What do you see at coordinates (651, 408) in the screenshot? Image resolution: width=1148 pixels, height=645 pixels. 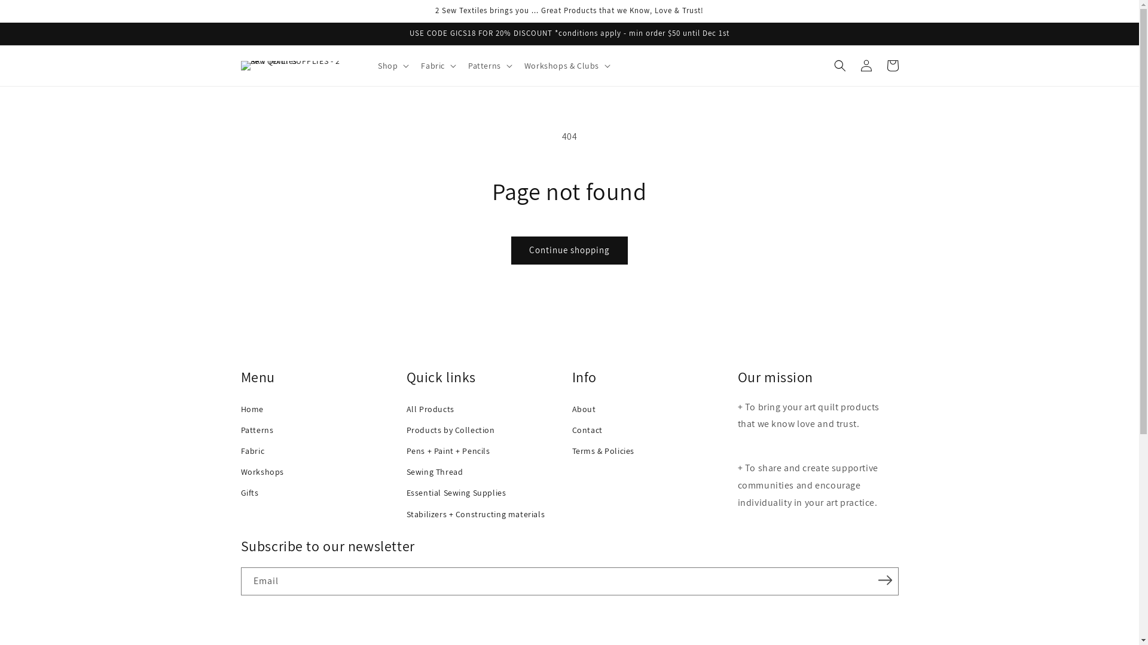 I see `'About'` at bounding box center [651, 408].